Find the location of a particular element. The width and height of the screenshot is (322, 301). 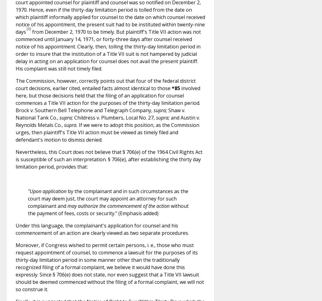

'may authorize the commencement of the action' is located at coordinates (118, 205).